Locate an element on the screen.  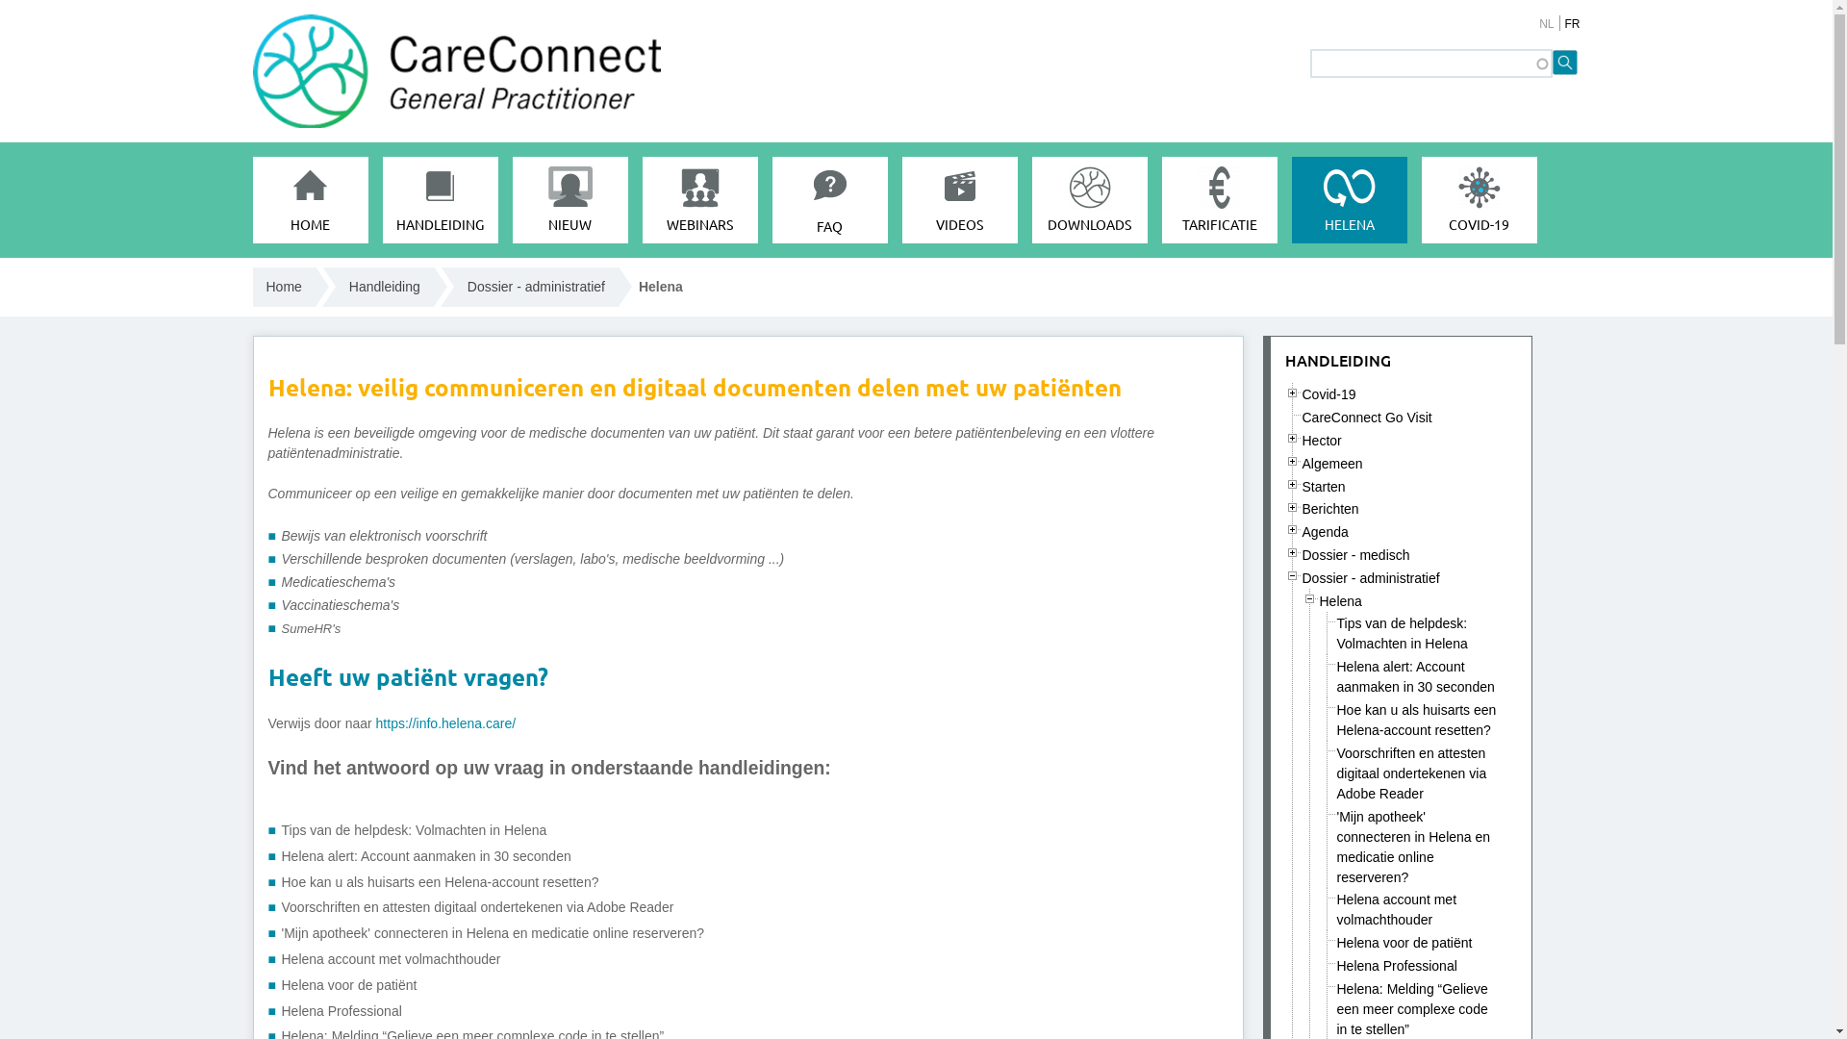
'https://info.helena.care/' is located at coordinates (445, 723).